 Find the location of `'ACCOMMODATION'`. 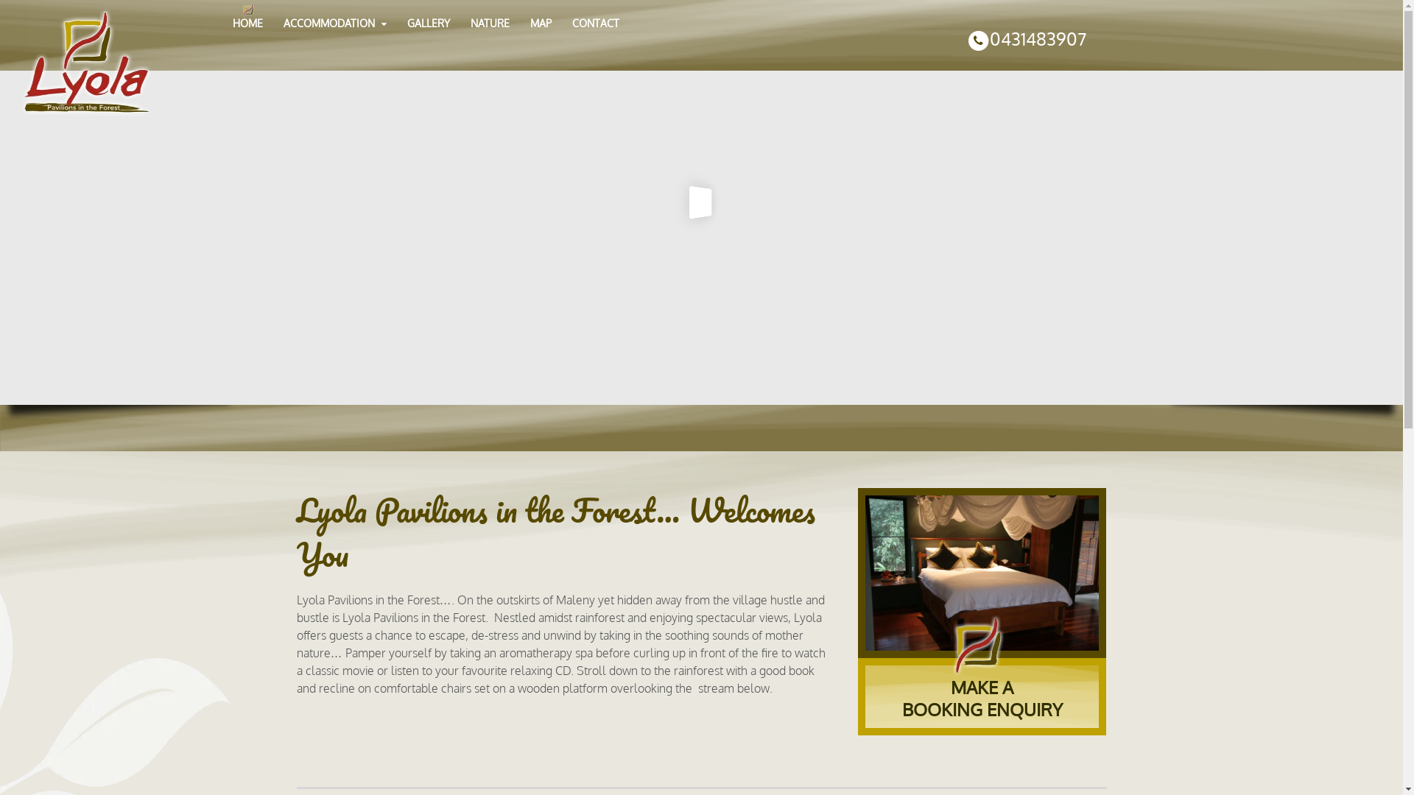

'ACCOMMODATION' is located at coordinates (334, 24).